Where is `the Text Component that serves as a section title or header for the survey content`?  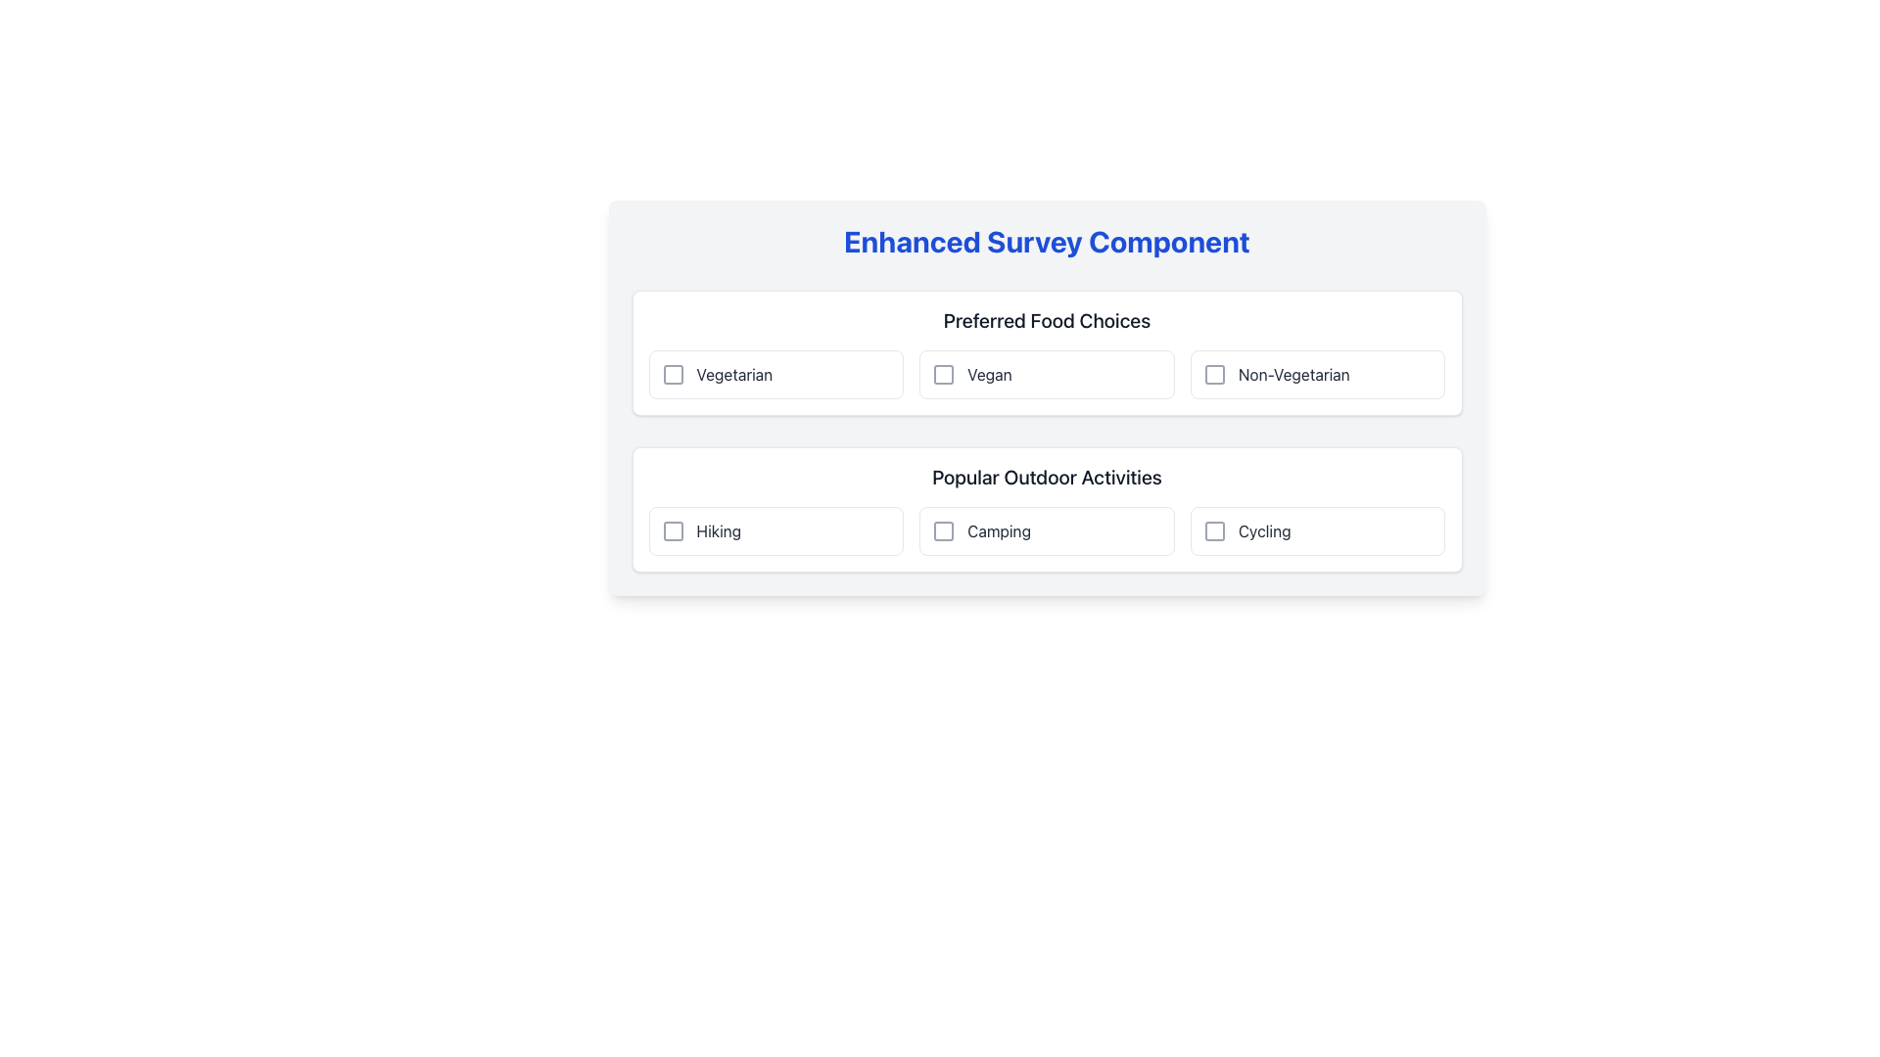 the Text Component that serves as a section title or header for the survey content is located at coordinates (1046, 240).